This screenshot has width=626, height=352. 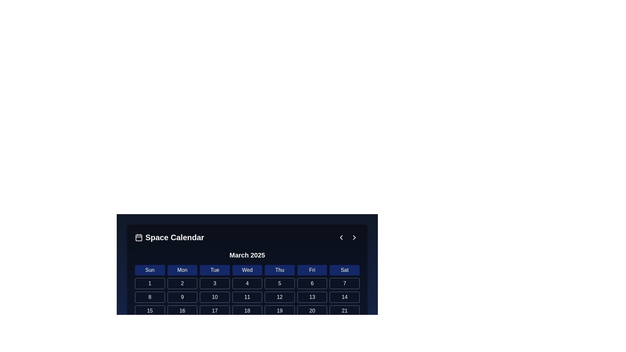 What do you see at coordinates (170, 238) in the screenshot?
I see `displayed text of the Text label with an accompanying icon, which serves as the title for the calendar interface, located in the top-left section of the interface` at bounding box center [170, 238].